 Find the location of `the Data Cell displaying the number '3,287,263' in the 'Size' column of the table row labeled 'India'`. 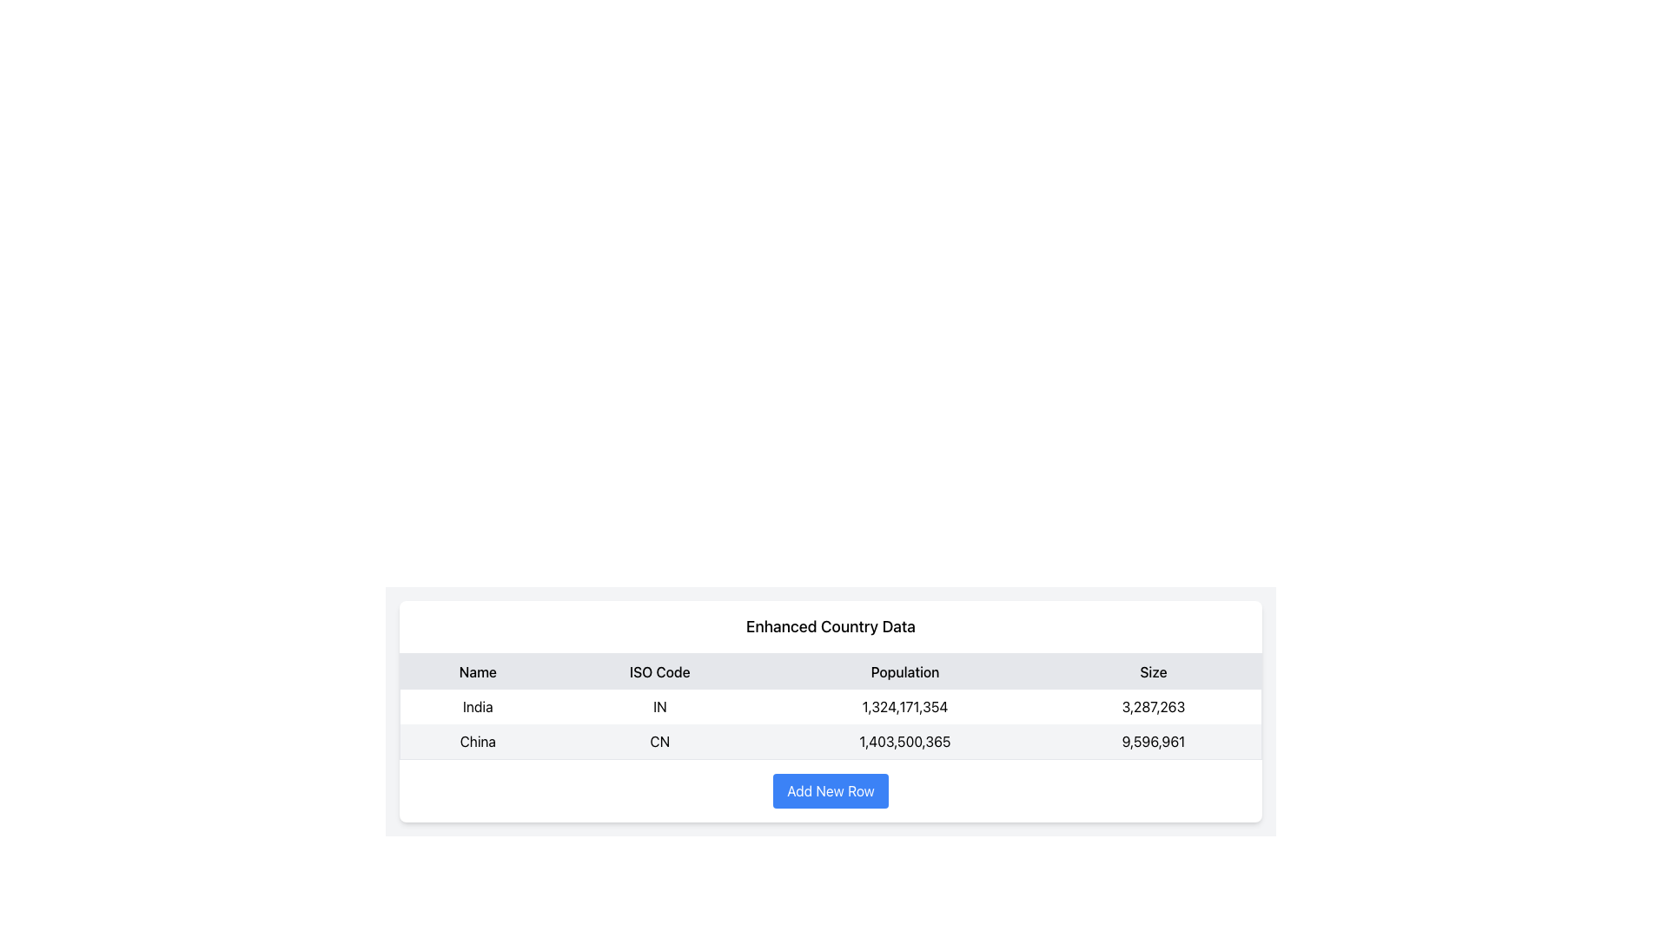

the Data Cell displaying the number '3,287,263' in the 'Size' column of the table row labeled 'India' is located at coordinates (1154, 706).